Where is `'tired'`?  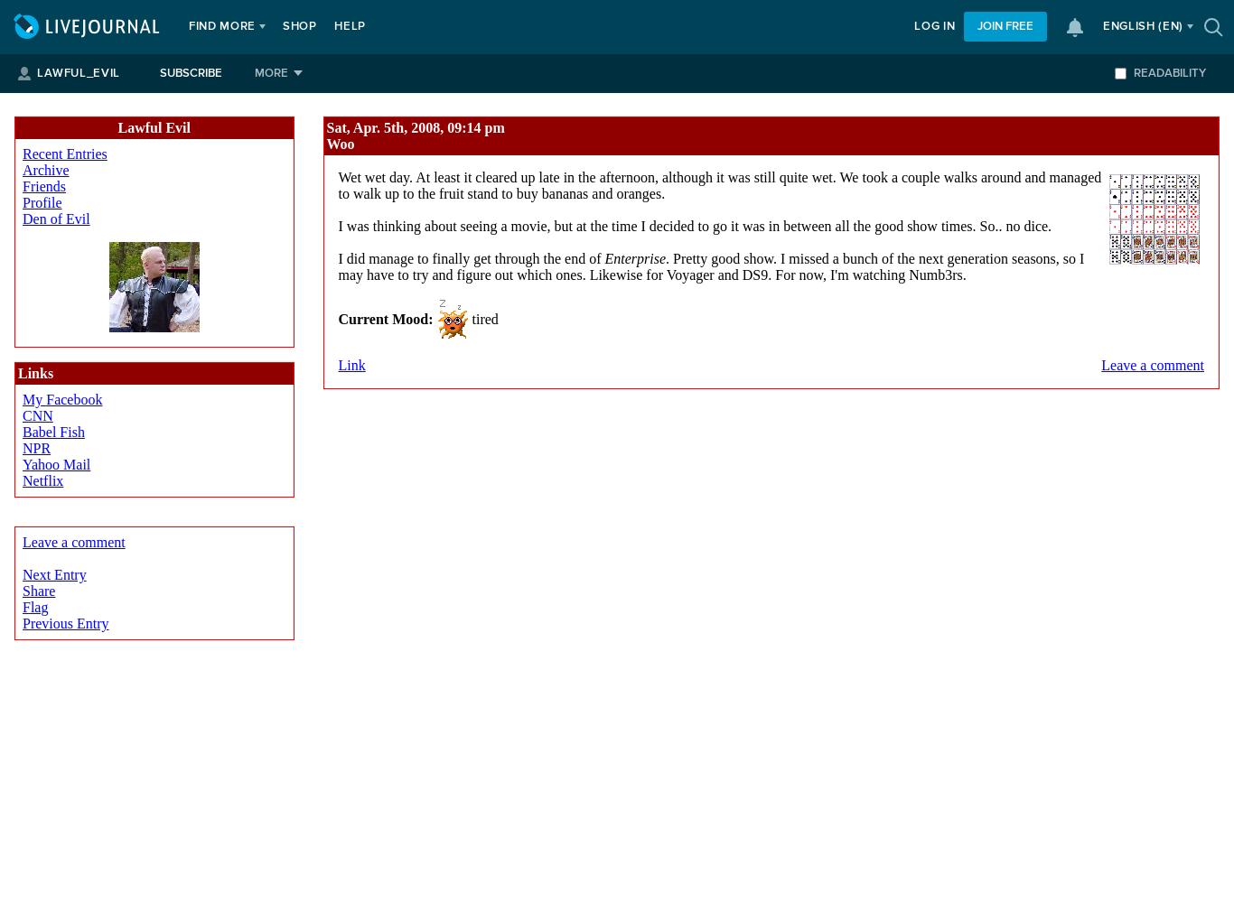 'tired' is located at coordinates (482, 317).